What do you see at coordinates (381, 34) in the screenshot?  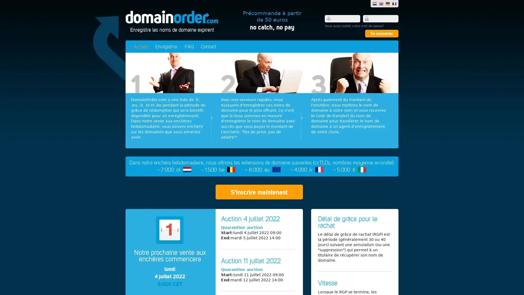 I see `Se connecter` at bounding box center [381, 34].